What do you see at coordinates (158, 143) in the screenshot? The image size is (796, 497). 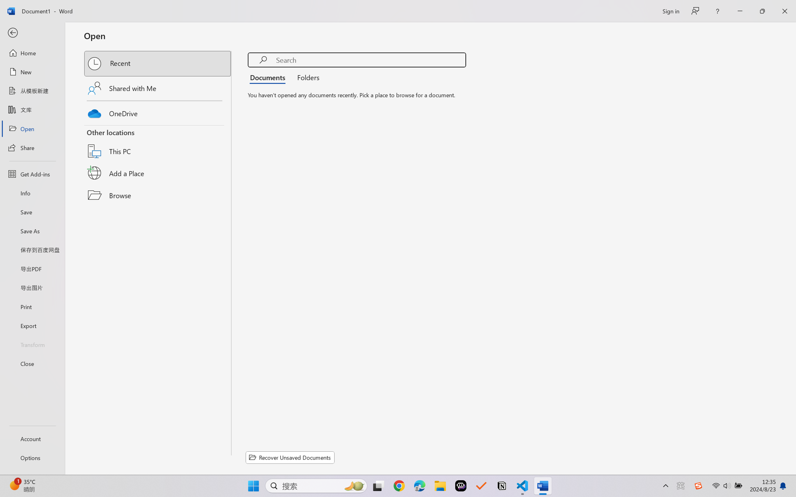 I see `'This PC'` at bounding box center [158, 143].